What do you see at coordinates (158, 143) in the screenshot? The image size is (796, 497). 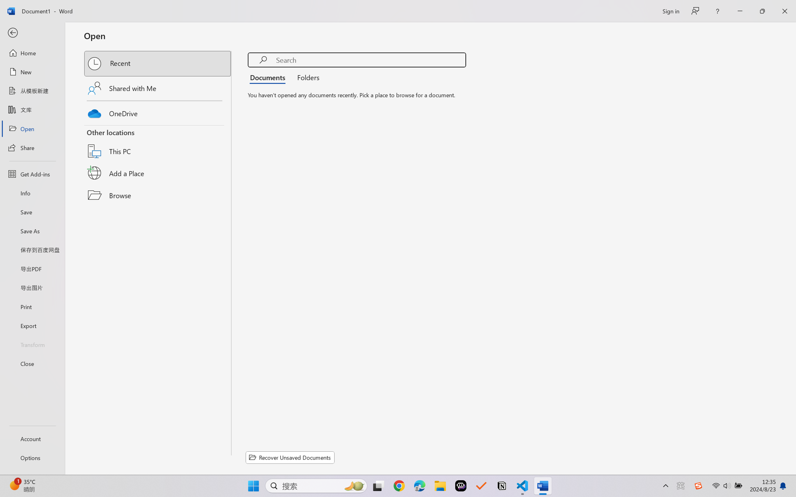 I see `'This PC'` at bounding box center [158, 143].